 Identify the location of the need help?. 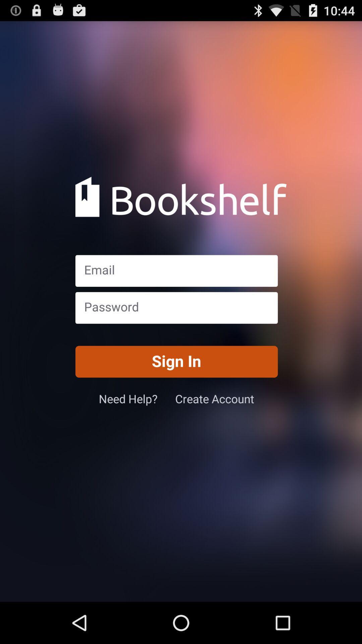
(136, 398).